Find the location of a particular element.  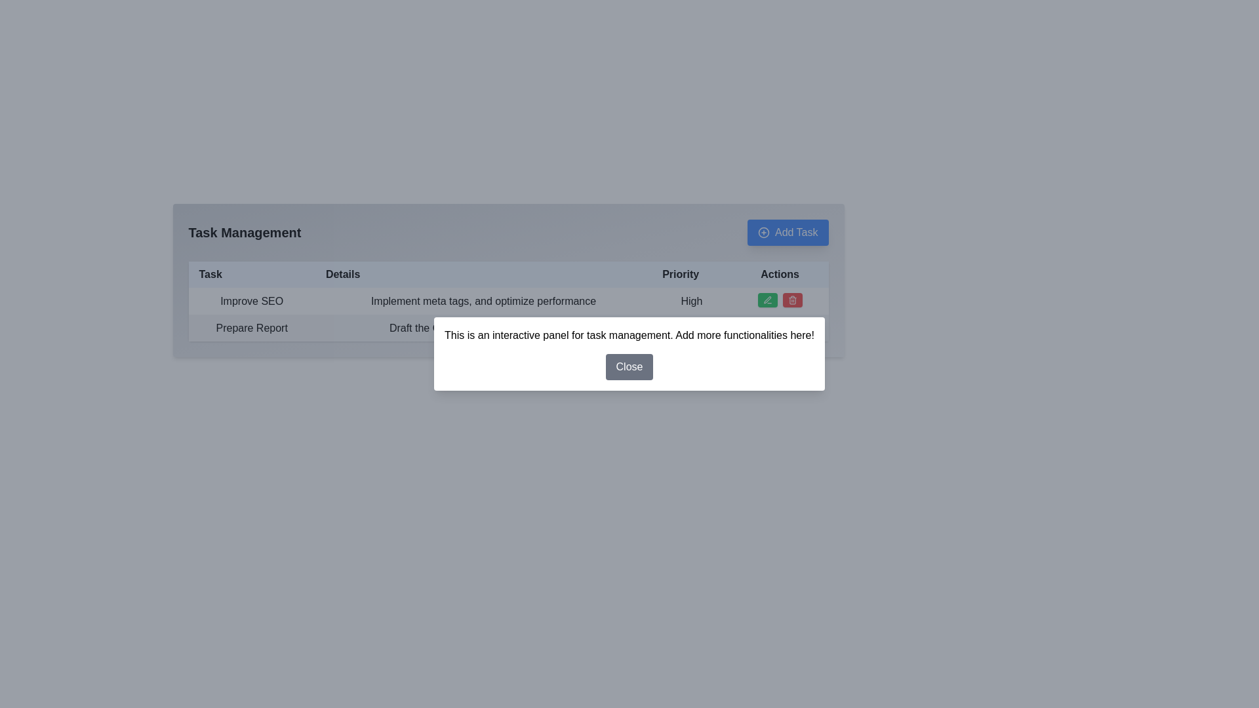

the Text element that provides a description for the task 'Prepare Report', located under the 'Details' heading in the task table is located at coordinates (483, 327).